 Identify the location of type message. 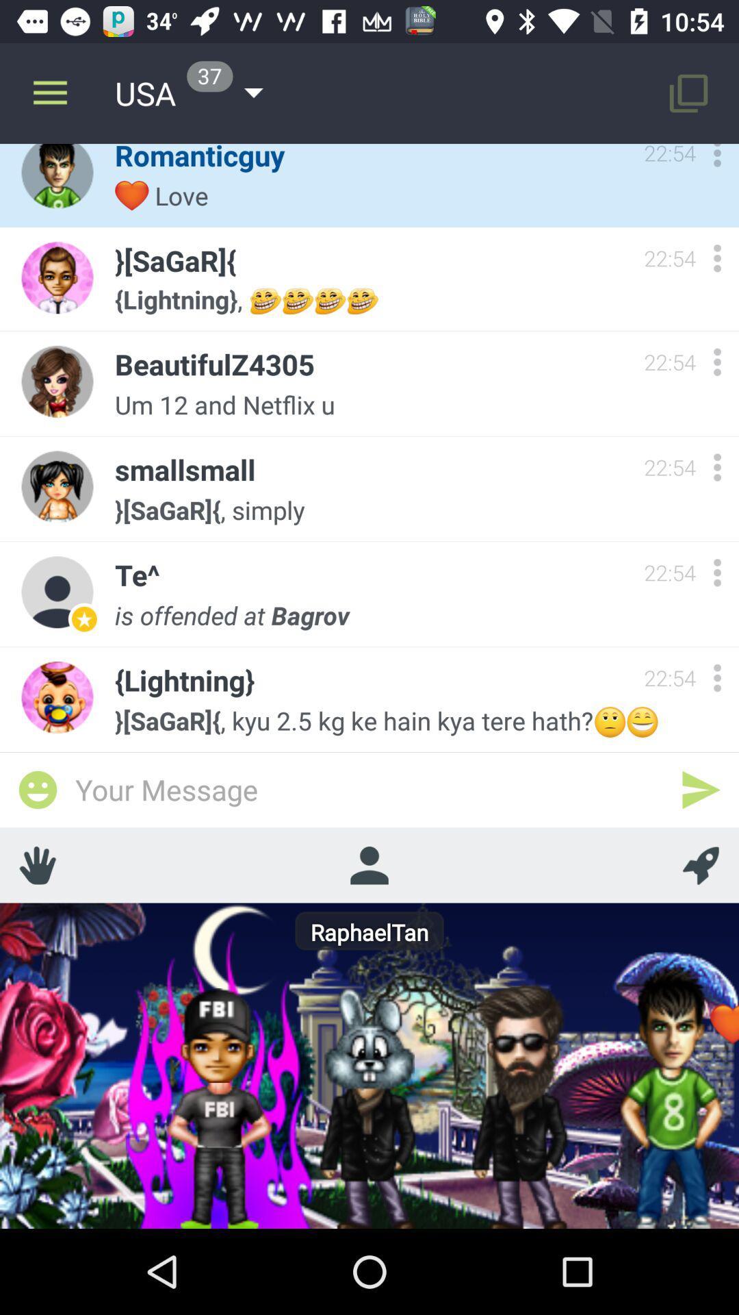
(369, 789).